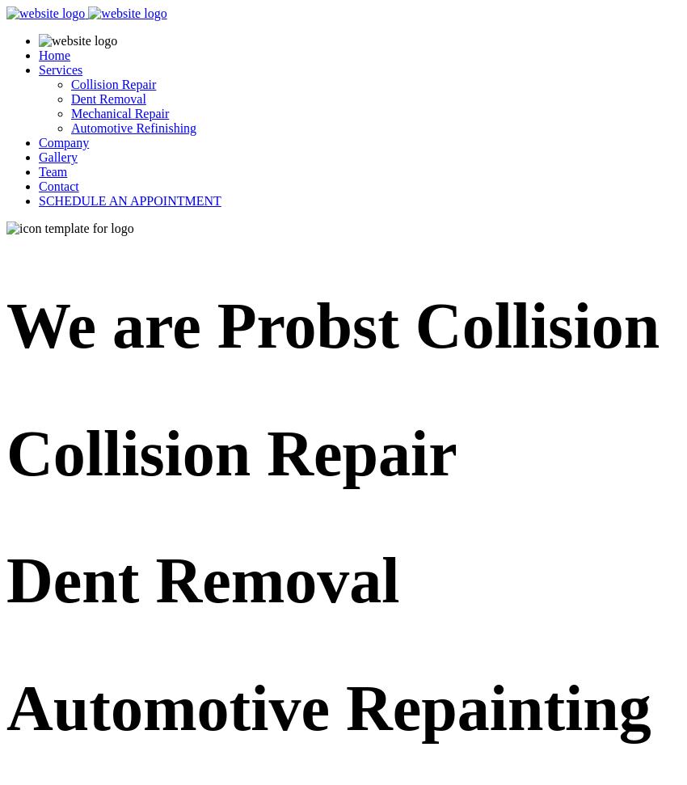  What do you see at coordinates (5, 324) in the screenshot?
I see `'We are'` at bounding box center [5, 324].